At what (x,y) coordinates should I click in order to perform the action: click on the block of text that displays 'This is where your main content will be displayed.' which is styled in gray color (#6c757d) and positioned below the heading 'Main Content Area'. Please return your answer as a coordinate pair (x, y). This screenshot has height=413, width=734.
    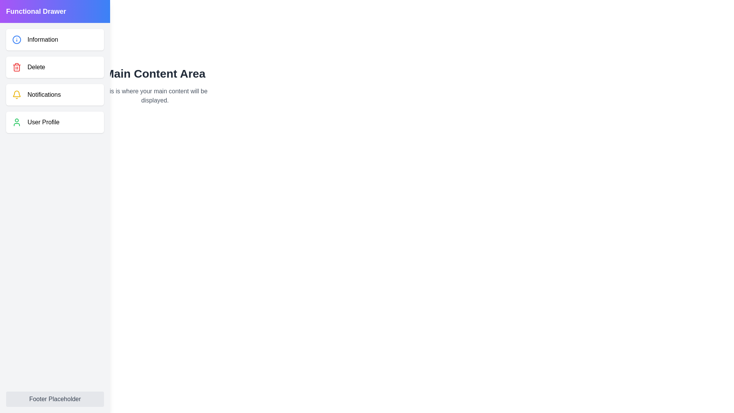
    Looking at the image, I should click on (154, 95).